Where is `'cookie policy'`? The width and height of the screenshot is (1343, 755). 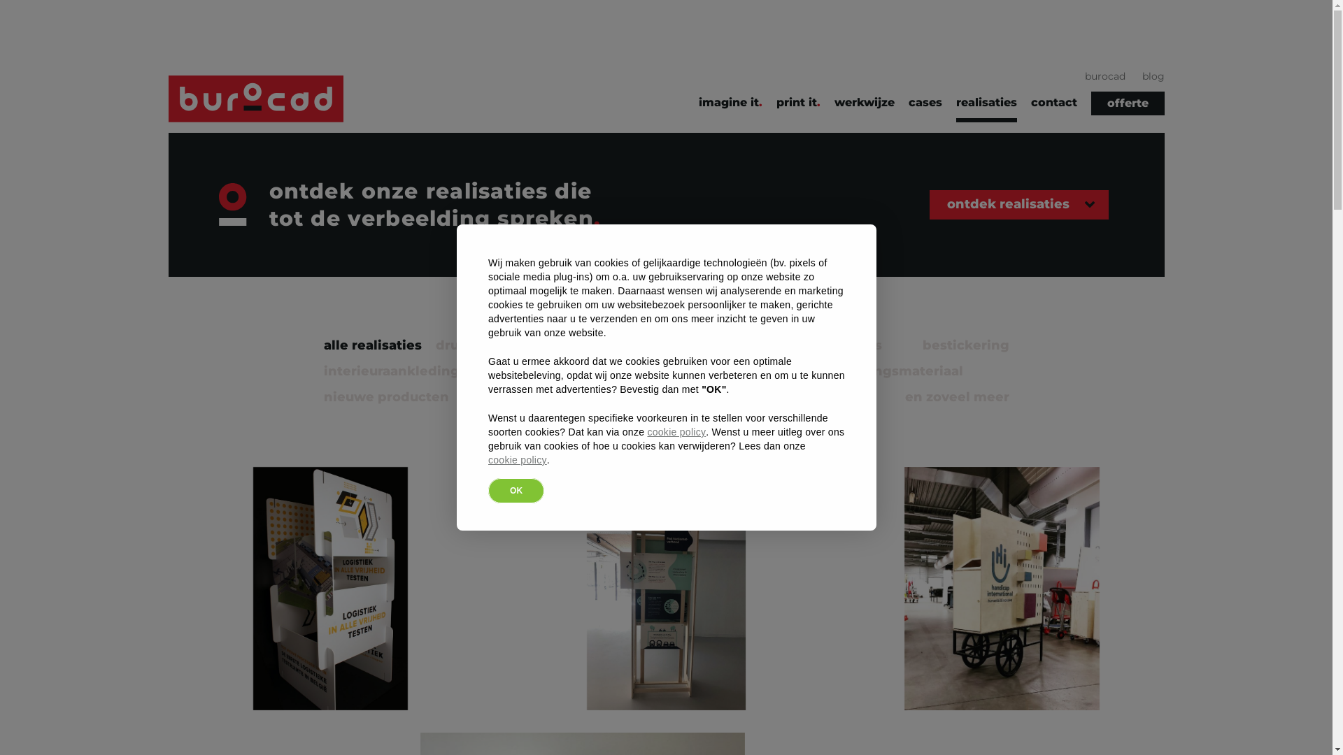
'cookie policy' is located at coordinates (488, 460).